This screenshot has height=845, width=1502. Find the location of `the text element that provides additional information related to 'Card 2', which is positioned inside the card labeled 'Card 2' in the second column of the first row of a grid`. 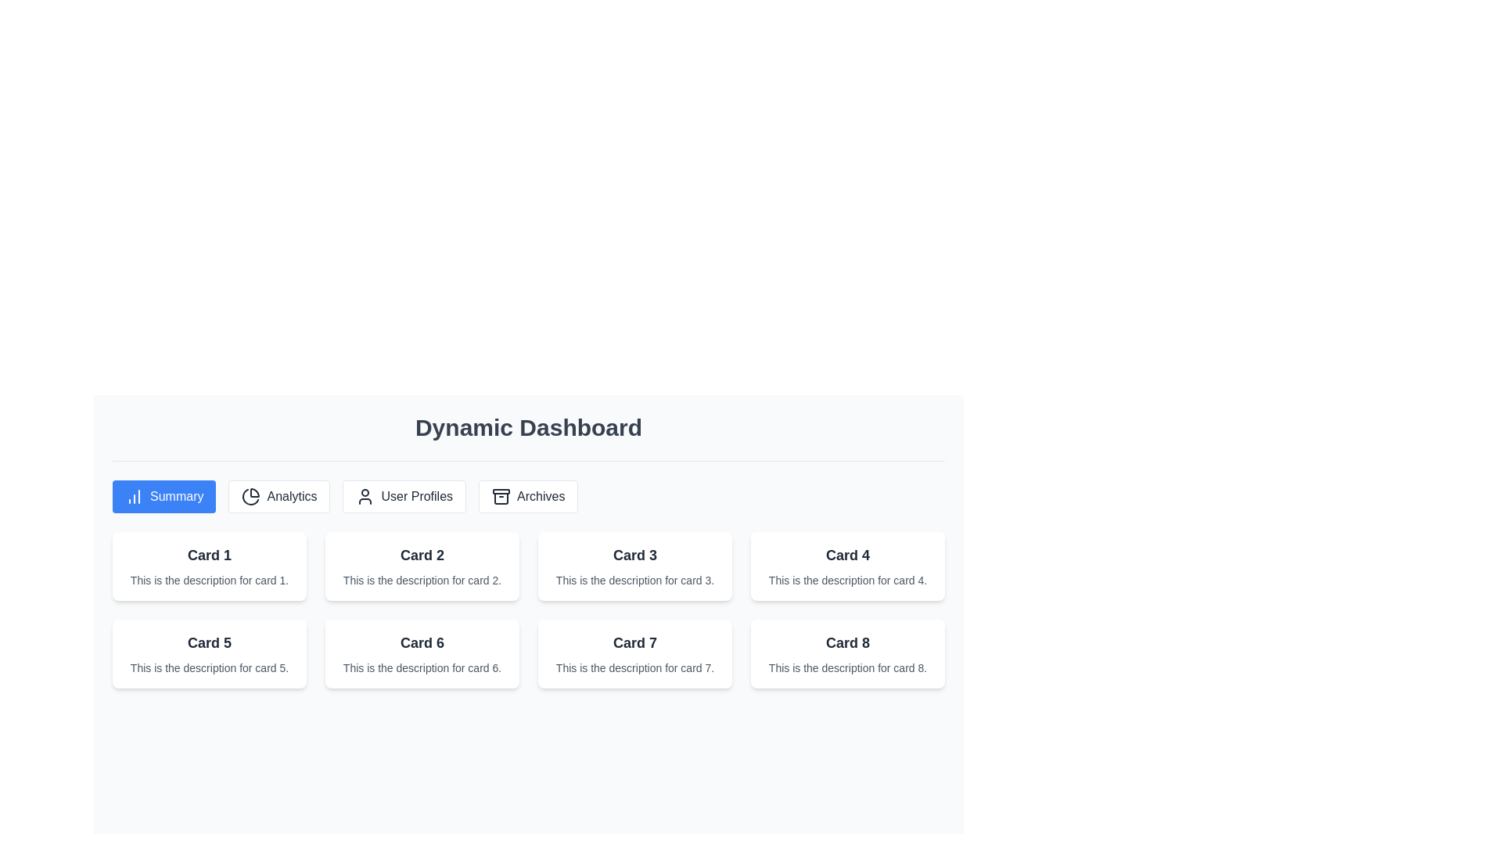

the text element that provides additional information related to 'Card 2', which is positioned inside the card labeled 'Card 2' in the second column of the first row of a grid is located at coordinates (422, 580).